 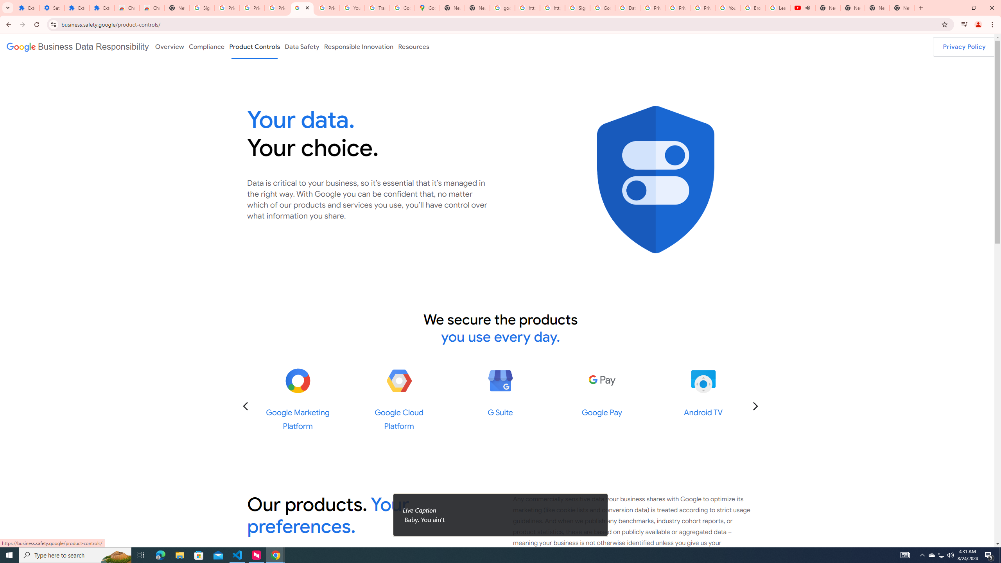 What do you see at coordinates (703, 380) in the screenshot?
I see `'Android TV'` at bounding box center [703, 380].